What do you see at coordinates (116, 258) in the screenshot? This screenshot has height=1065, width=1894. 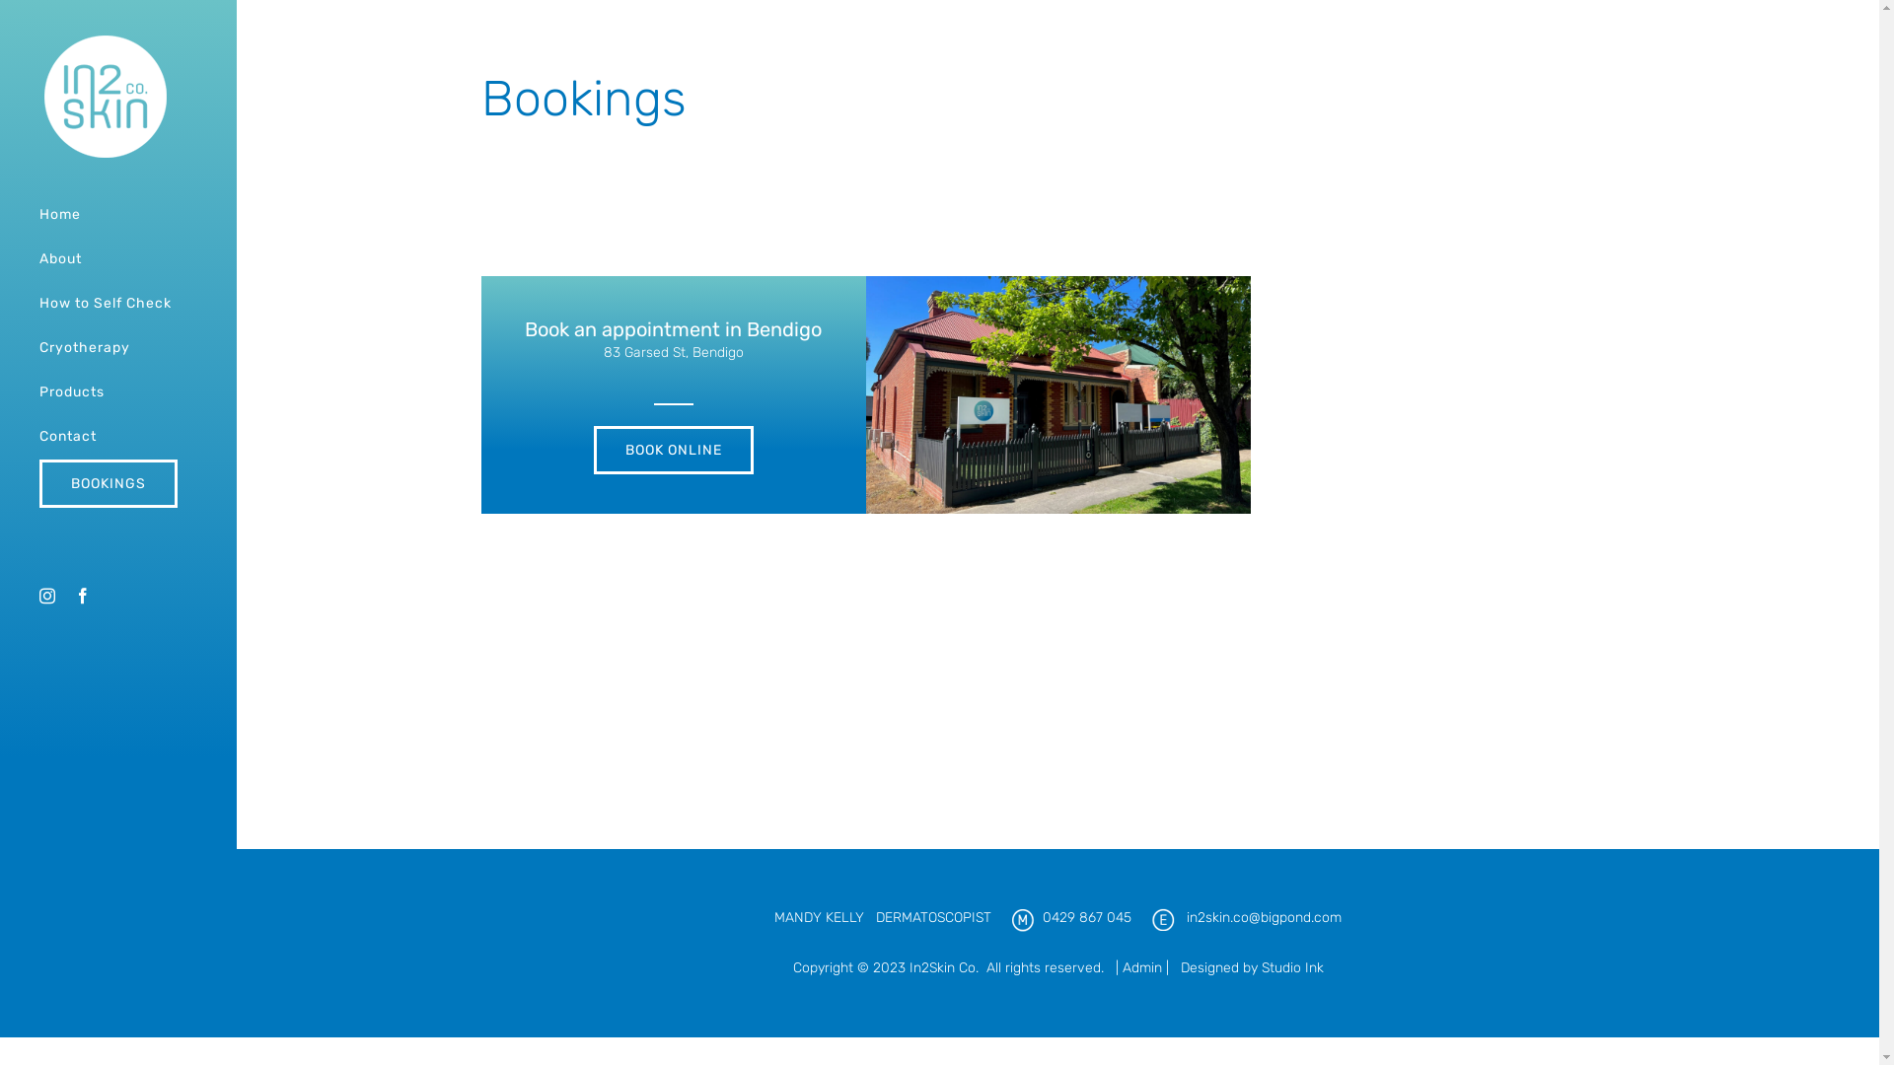 I see `'About'` at bounding box center [116, 258].